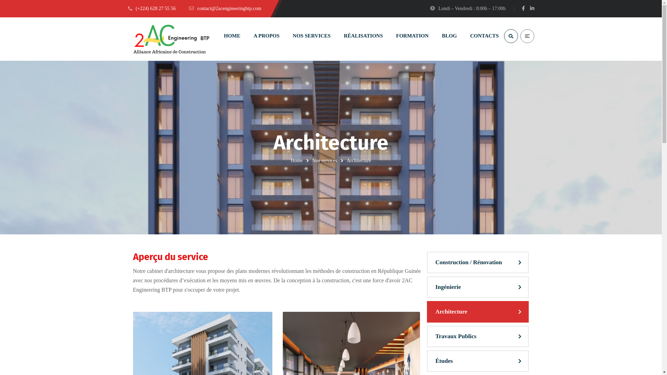 This screenshot has height=375, width=667. What do you see at coordinates (225, 8) in the screenshot?
I see `'contact@2acengineeringbtp.com'` at bounding box center [225, 8].